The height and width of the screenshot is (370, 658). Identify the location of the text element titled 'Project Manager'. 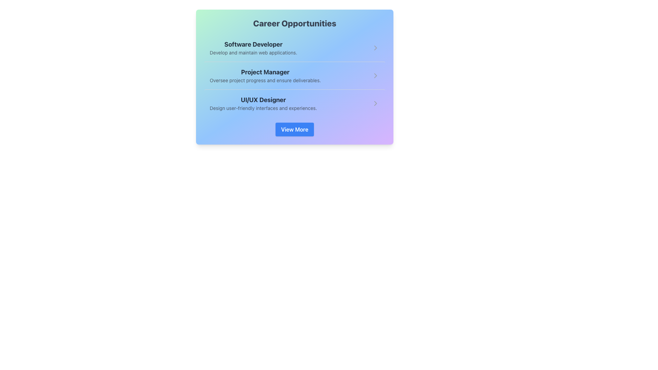
(265, 75).